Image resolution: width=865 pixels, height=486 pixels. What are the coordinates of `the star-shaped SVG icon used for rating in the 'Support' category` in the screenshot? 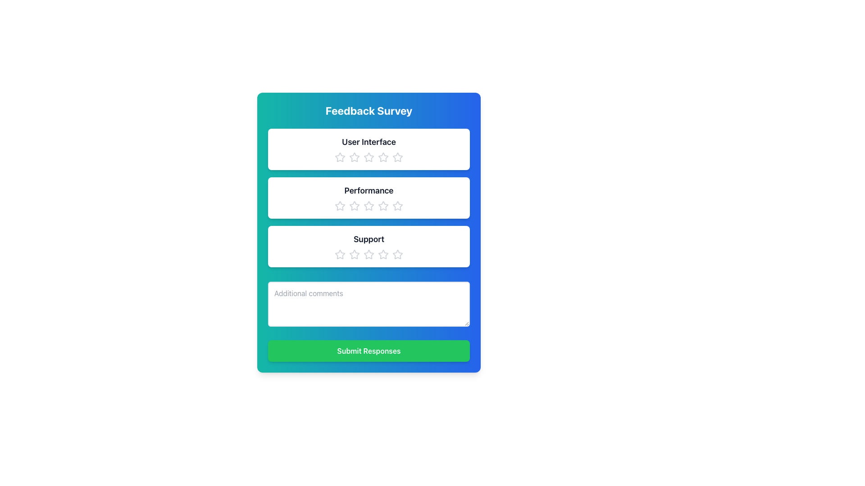 It's located at (354, 254).